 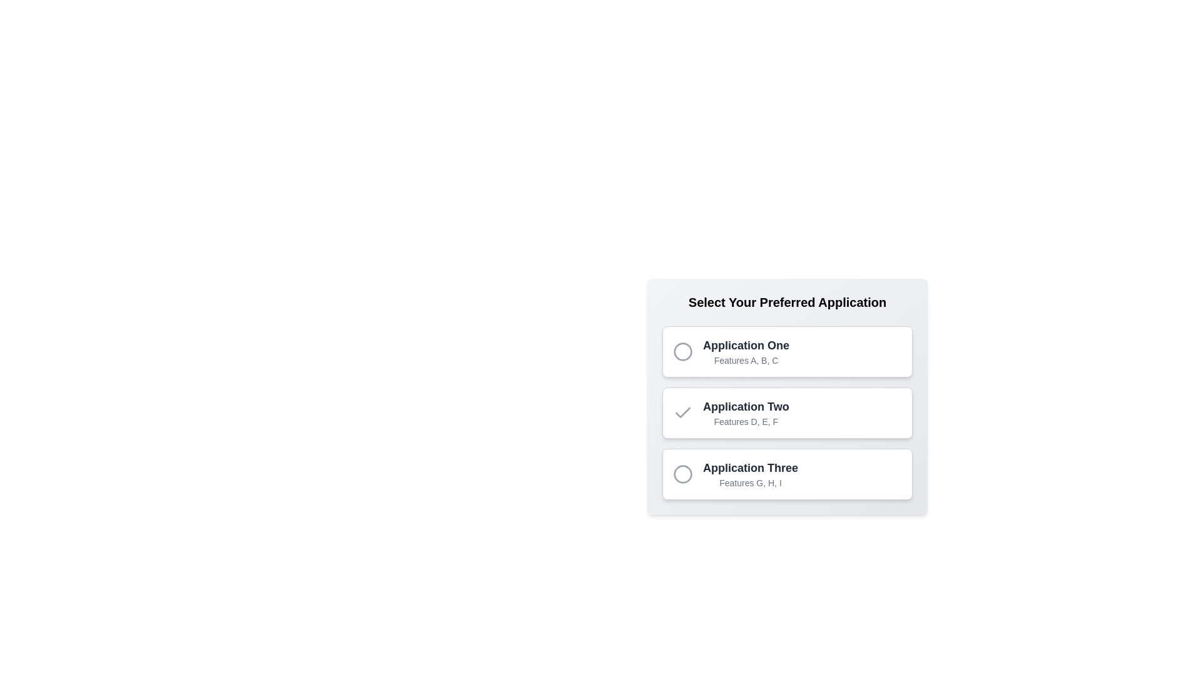 What do you see at coordinates (751, 474) in the screenshot?
I see `the text display that shows the name and features of the third selectable application option located at the bottom of the vertical list, to the right of a circular radio button` at bounding box center [751, 474].